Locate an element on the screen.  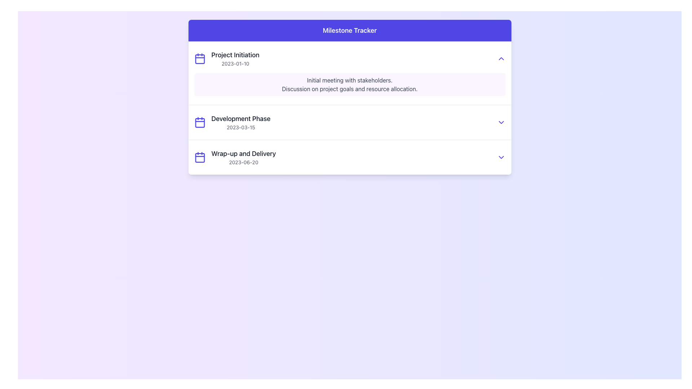
the dropdown toggle icon located at the right edge of the 'Development Phase' milestone section, just after the text '2023-03-15' is located at coordinates (501, 122).